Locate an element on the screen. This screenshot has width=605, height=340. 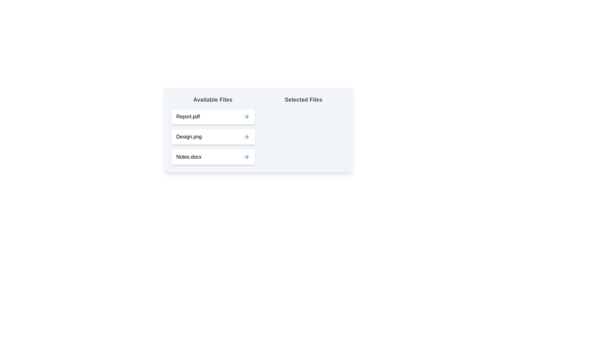
the icon button located to the right of the 'Design.png' text in the 'Available Files' section is located at coordinates (246, 137).